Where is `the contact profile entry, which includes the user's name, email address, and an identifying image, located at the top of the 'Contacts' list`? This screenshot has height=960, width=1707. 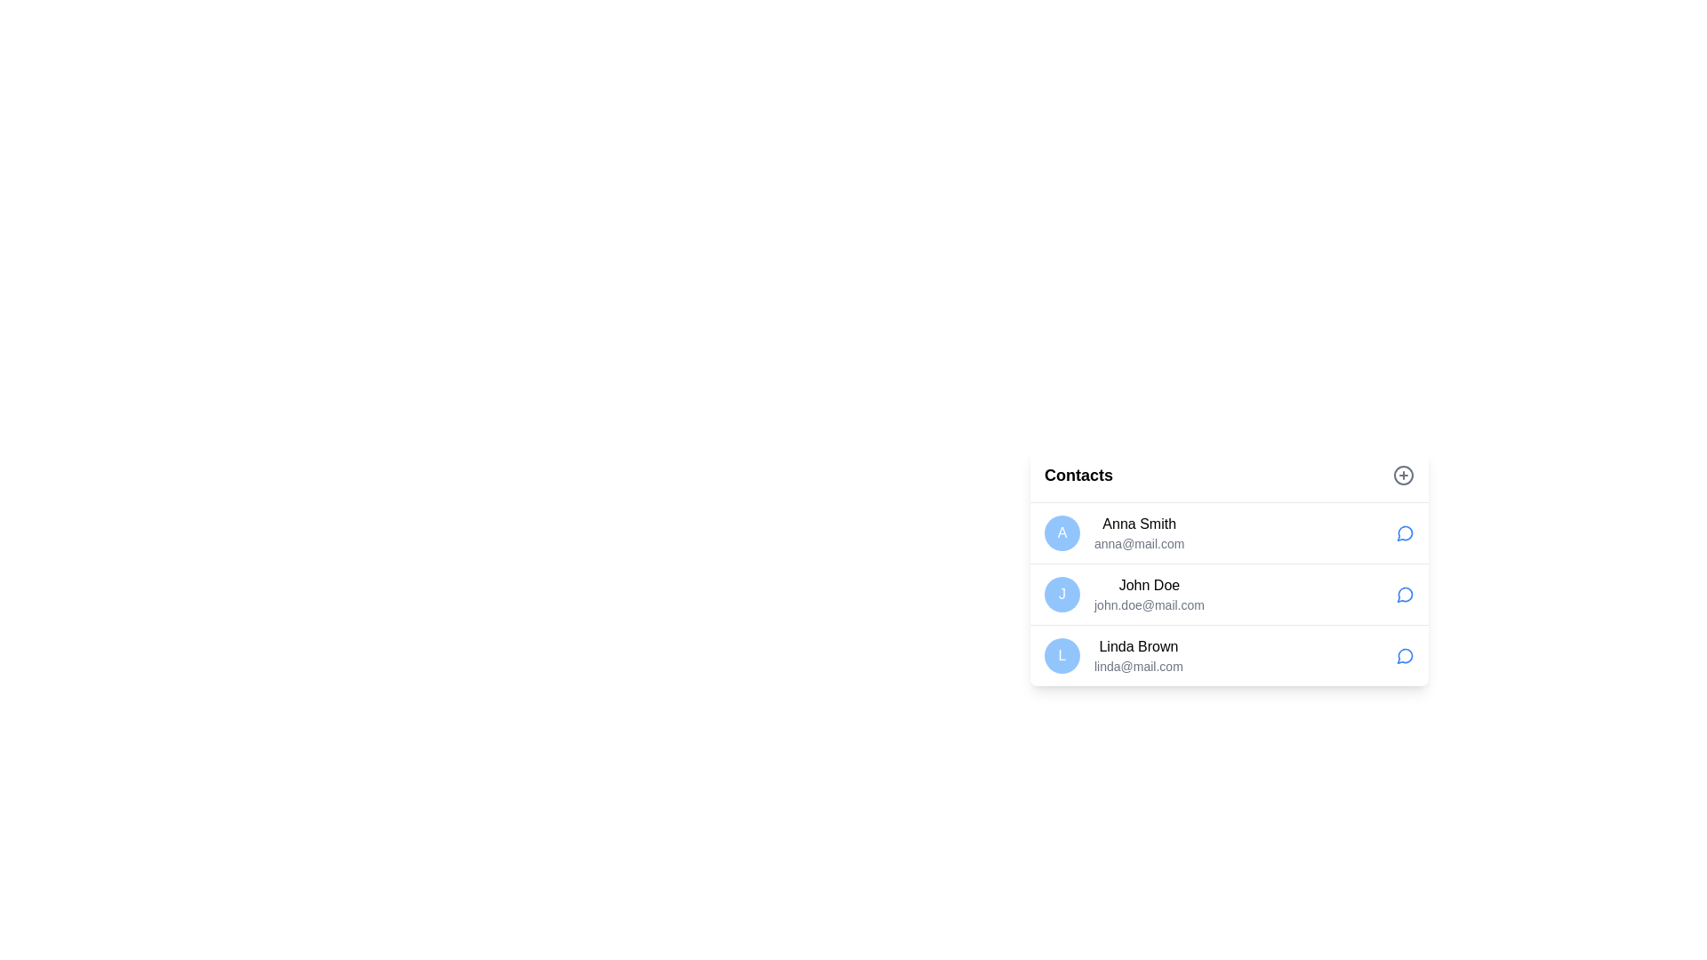 the contact profile entry, which includes the user's name, email address, and an identifying image, located at the top of the 'Contacts' list is located at coordinates (1113, 532).